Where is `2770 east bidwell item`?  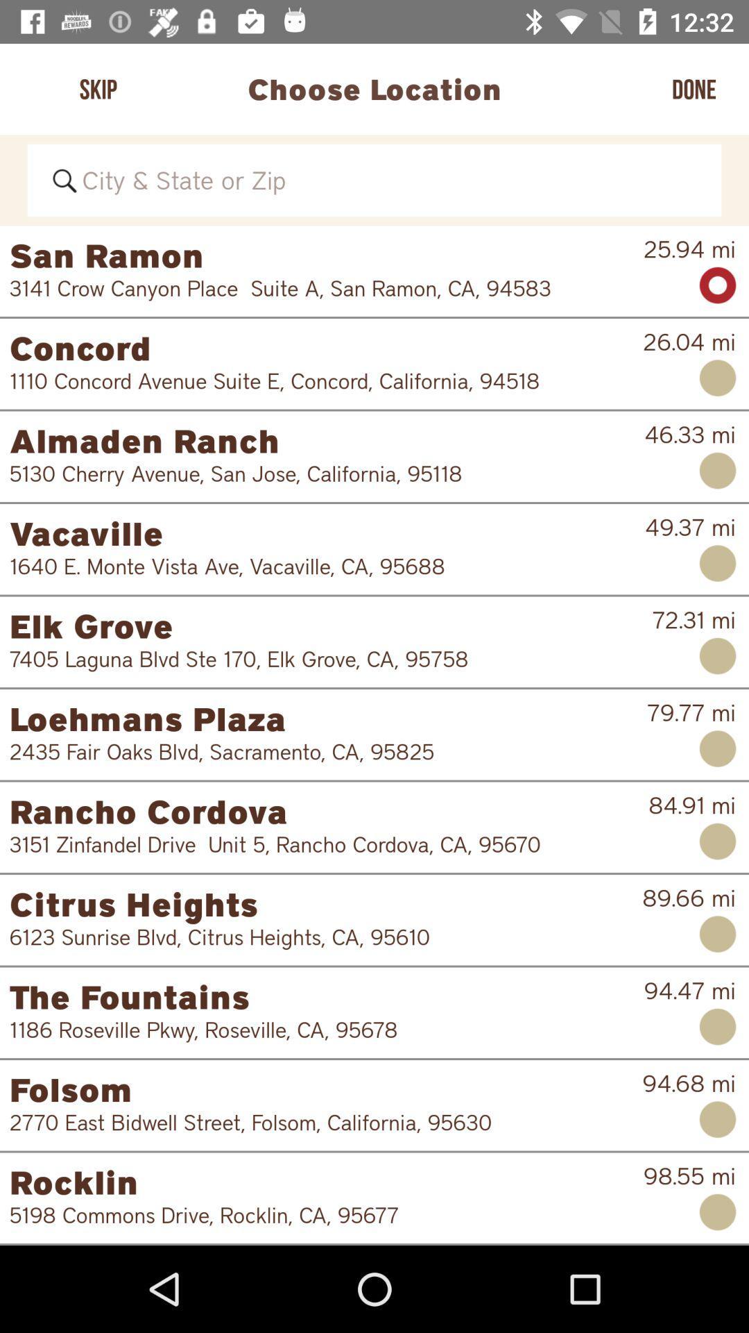
2770 east bidwell item is located at coordinates (316, 1123).